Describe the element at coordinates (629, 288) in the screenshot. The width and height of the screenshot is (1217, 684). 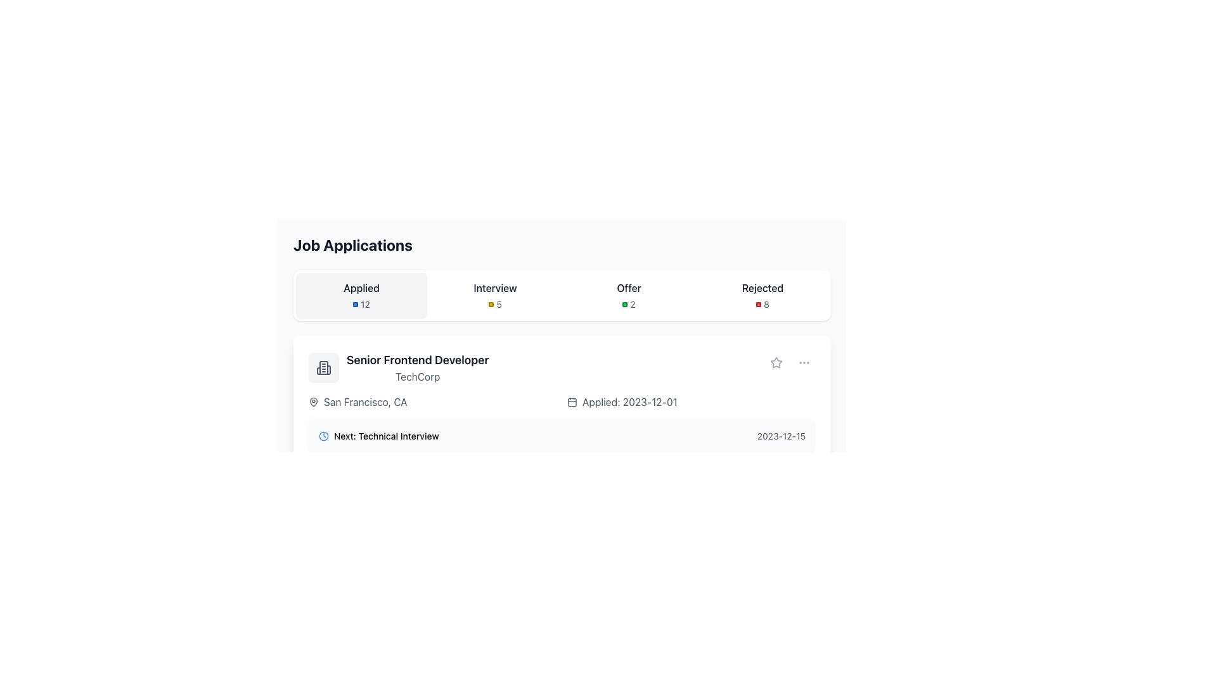
I see `the text label displaying 'Offer' that is centrally positioned in the header bar of status indicators` at that location.